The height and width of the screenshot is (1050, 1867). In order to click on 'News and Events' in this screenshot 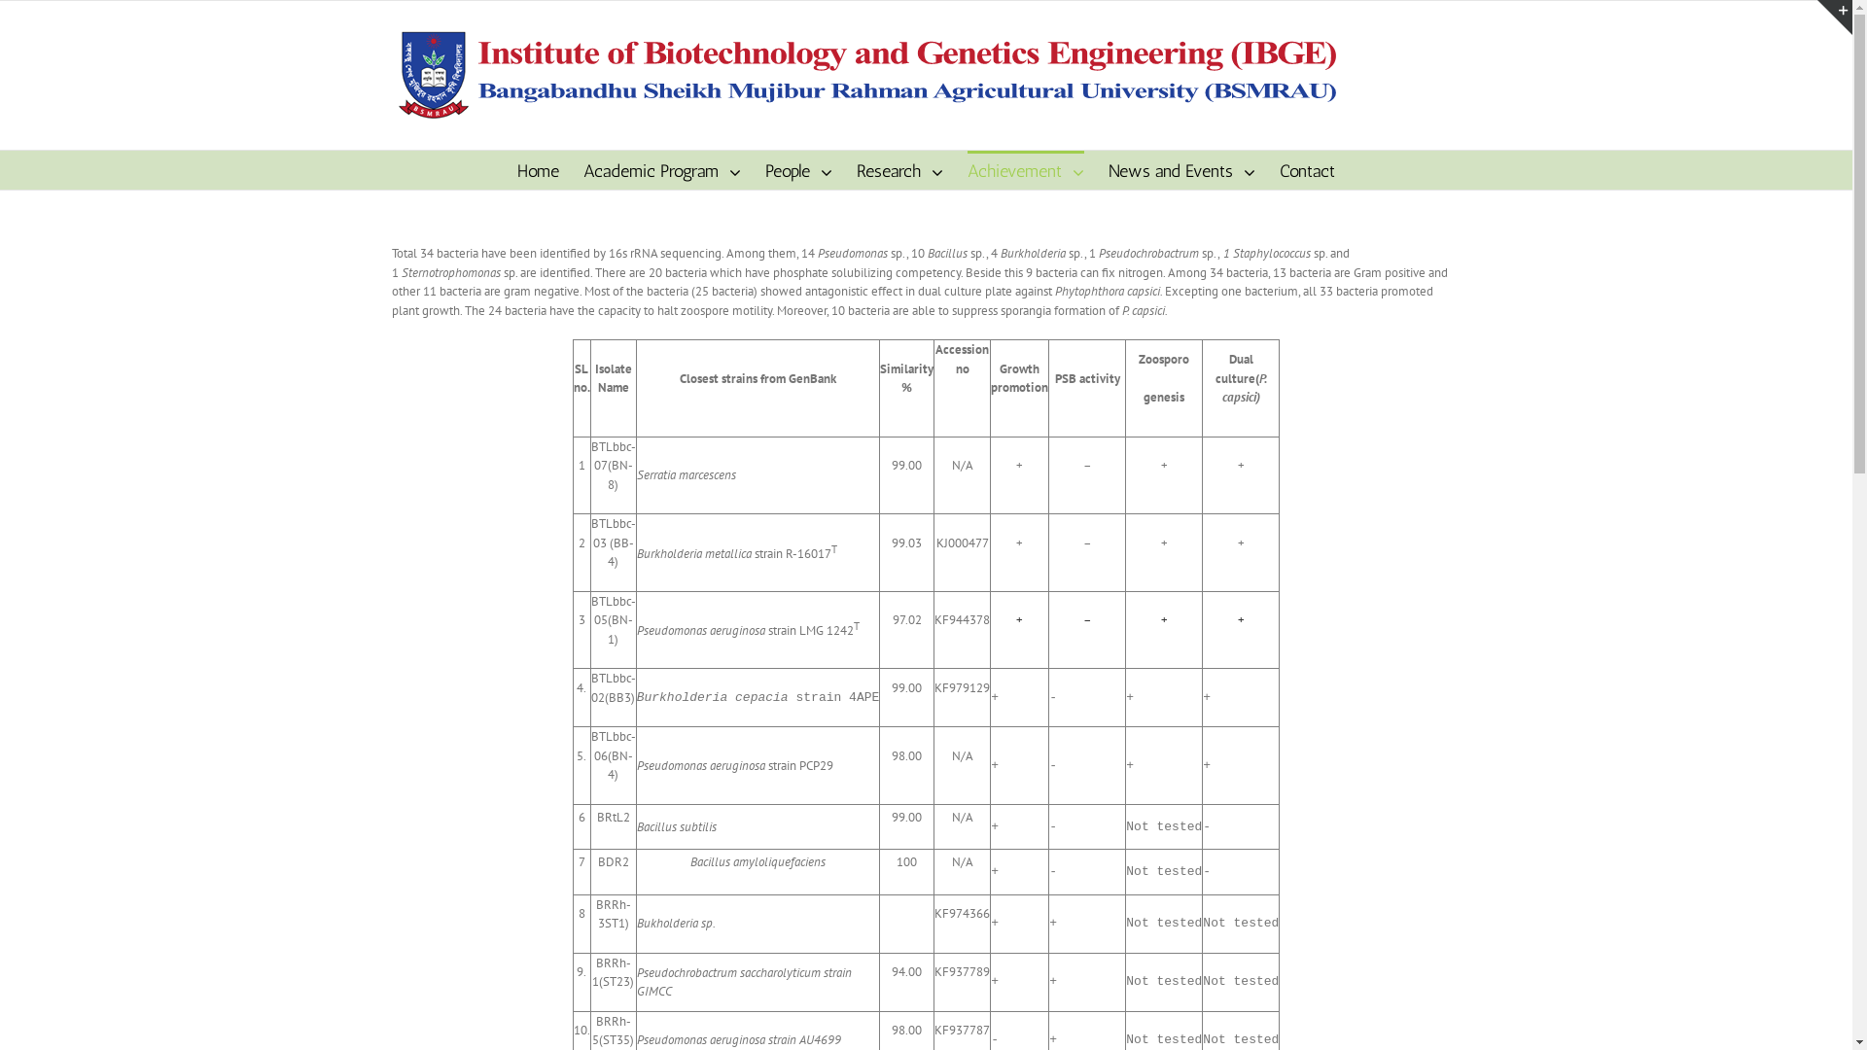, I will do `click(1180, 168)`.